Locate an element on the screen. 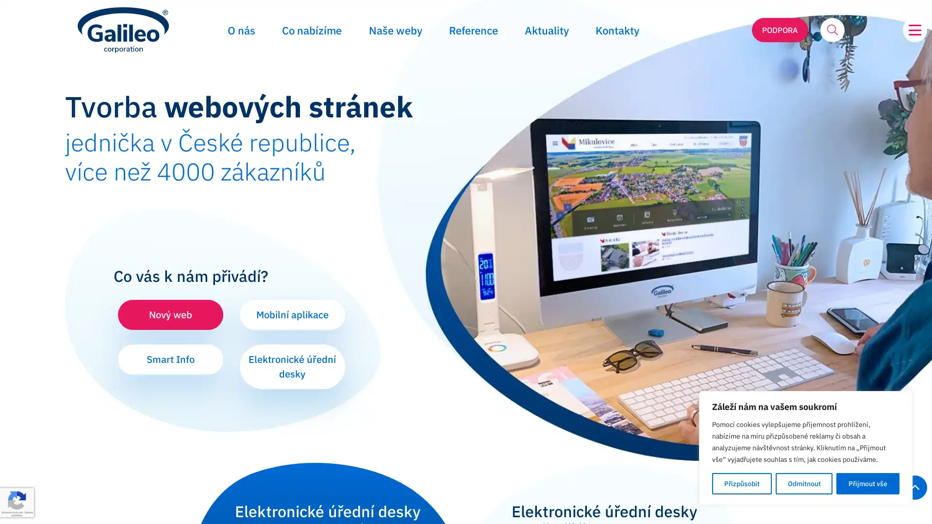  Prizpusobit is located at coordinates (741, 483).